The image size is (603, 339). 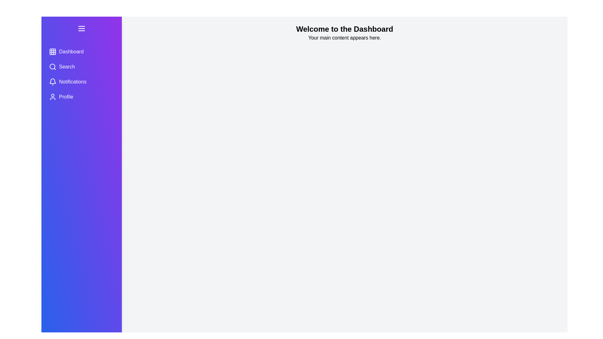 What do you see at coordinates (81, 29) in the screenshot?
I see `the menu button to toggle the sidebar` at bounding box center [81, 29].